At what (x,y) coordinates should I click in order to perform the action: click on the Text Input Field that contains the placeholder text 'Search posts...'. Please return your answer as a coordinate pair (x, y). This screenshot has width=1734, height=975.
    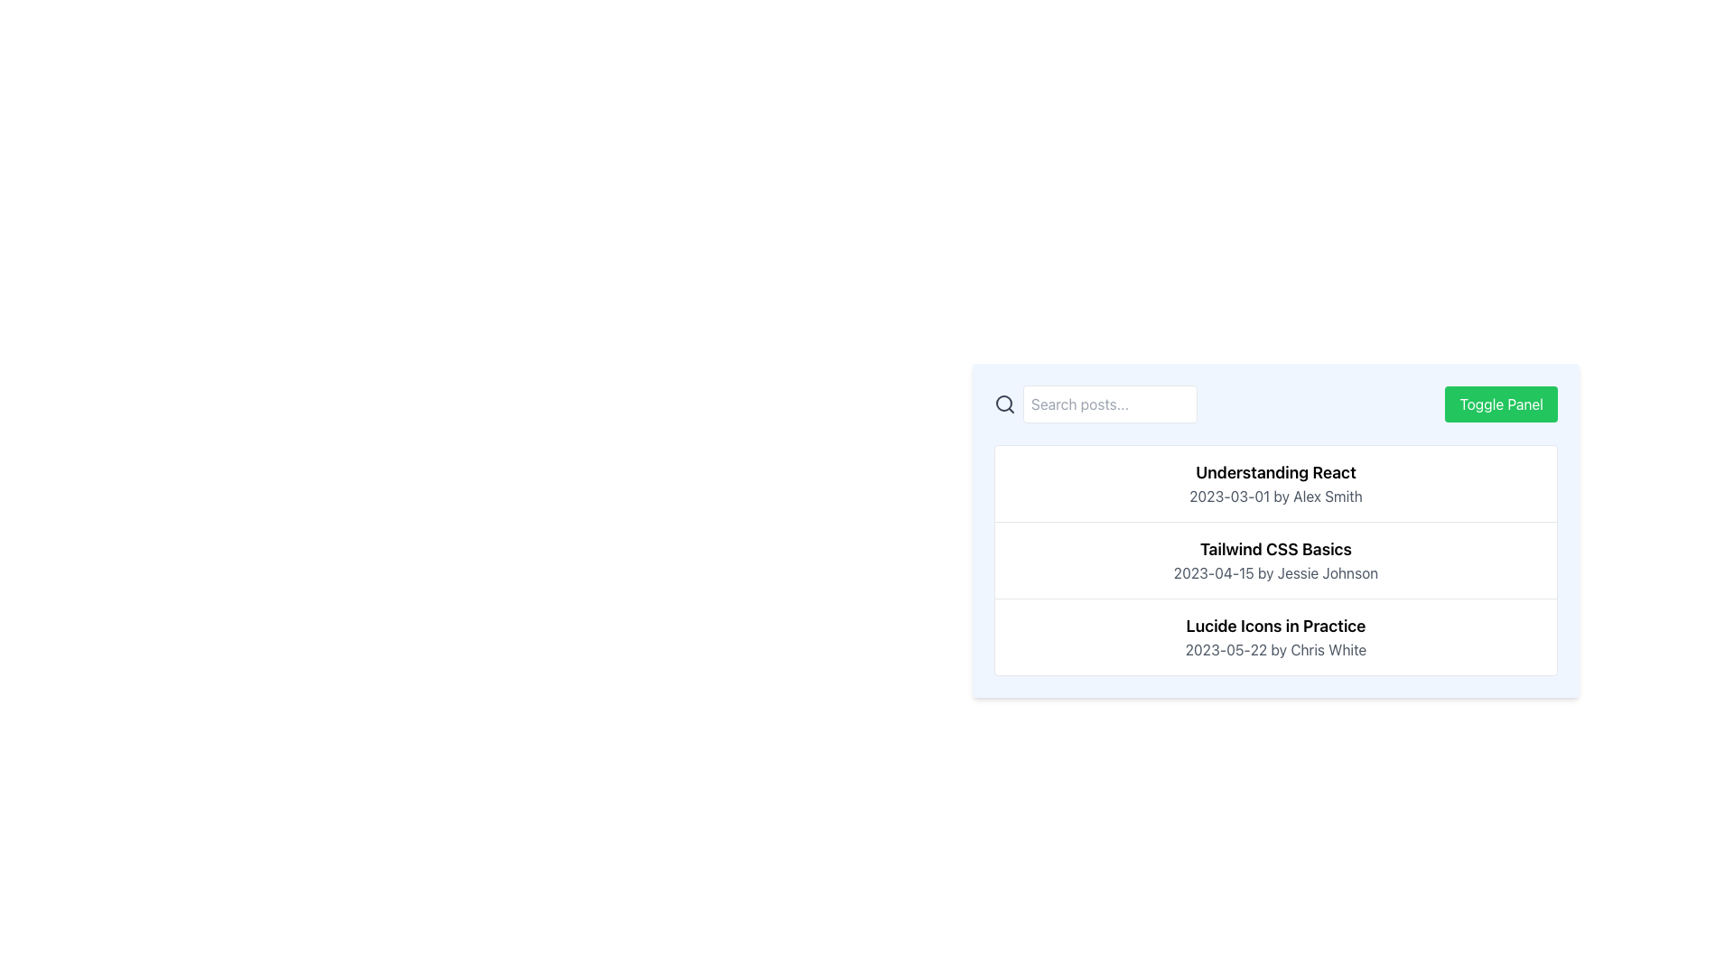
    Looking at the image, I should click on (1109, 403).